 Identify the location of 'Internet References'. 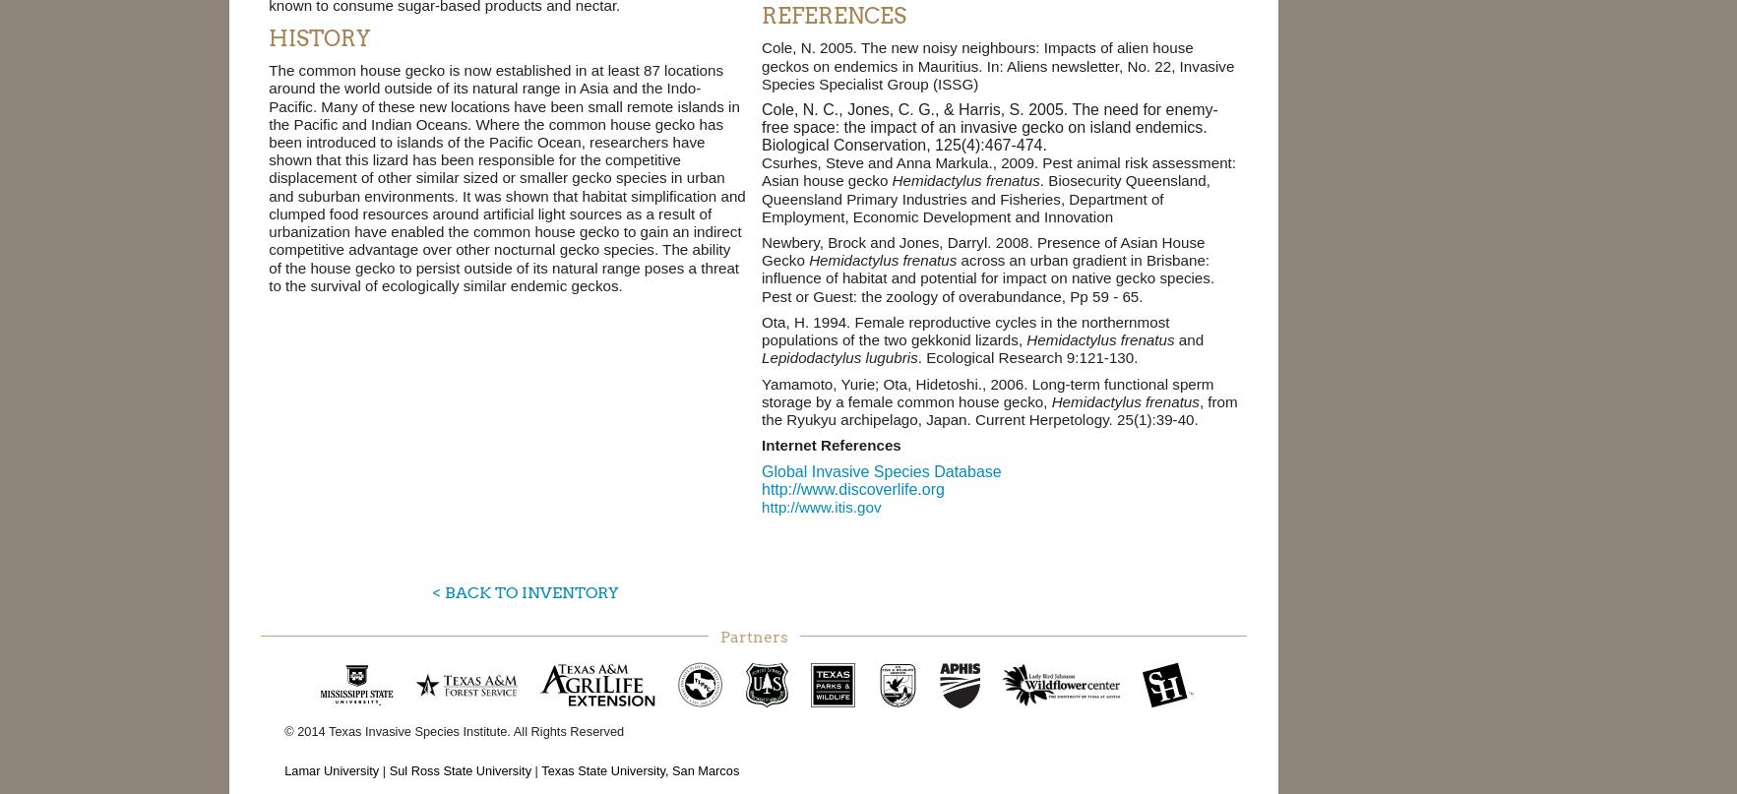
(830, 444).